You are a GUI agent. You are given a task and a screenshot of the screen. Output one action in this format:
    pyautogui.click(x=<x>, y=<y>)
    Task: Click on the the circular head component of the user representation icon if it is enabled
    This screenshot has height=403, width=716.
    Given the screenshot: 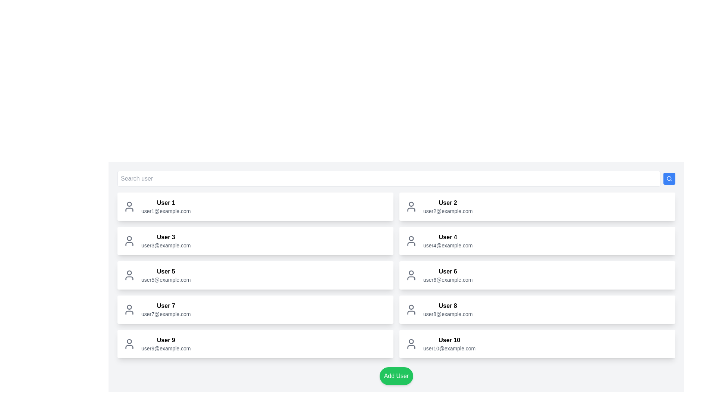 What is the action you would take?
    pyautogui.click(x=411, y=273)
    